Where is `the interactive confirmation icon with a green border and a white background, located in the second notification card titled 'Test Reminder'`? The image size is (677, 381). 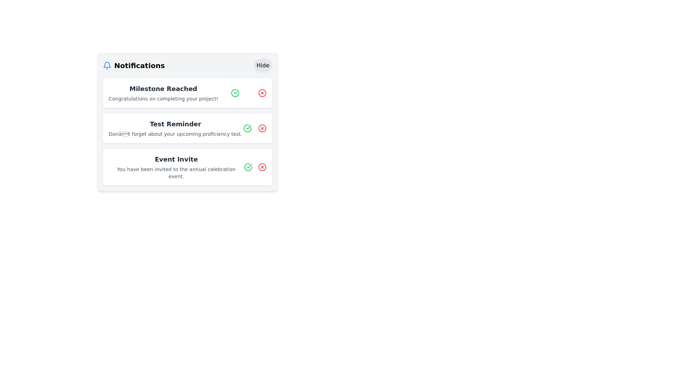
the interactive confirmation icon with a green border and a white background, located in the second notification card titled 'Test Reminder' is located at coordinates (247, 128).